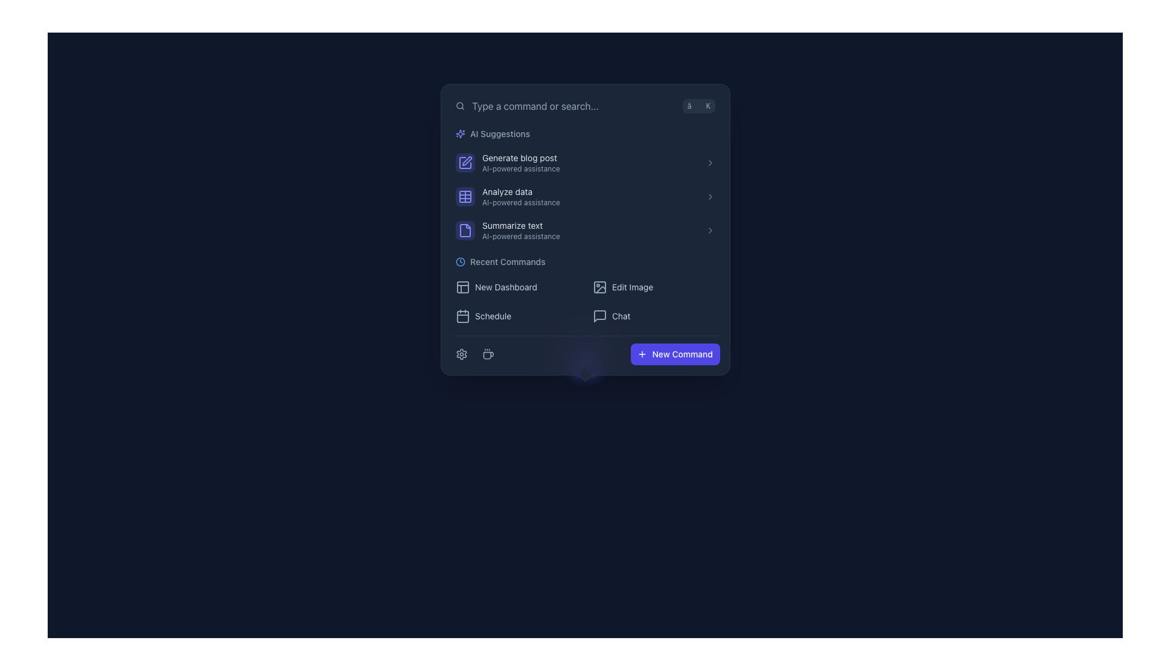 This screenshot has width=1159, height=652. I want to click on the Icon button located in the bottom-left region of the dialog box, so click(461, 353).